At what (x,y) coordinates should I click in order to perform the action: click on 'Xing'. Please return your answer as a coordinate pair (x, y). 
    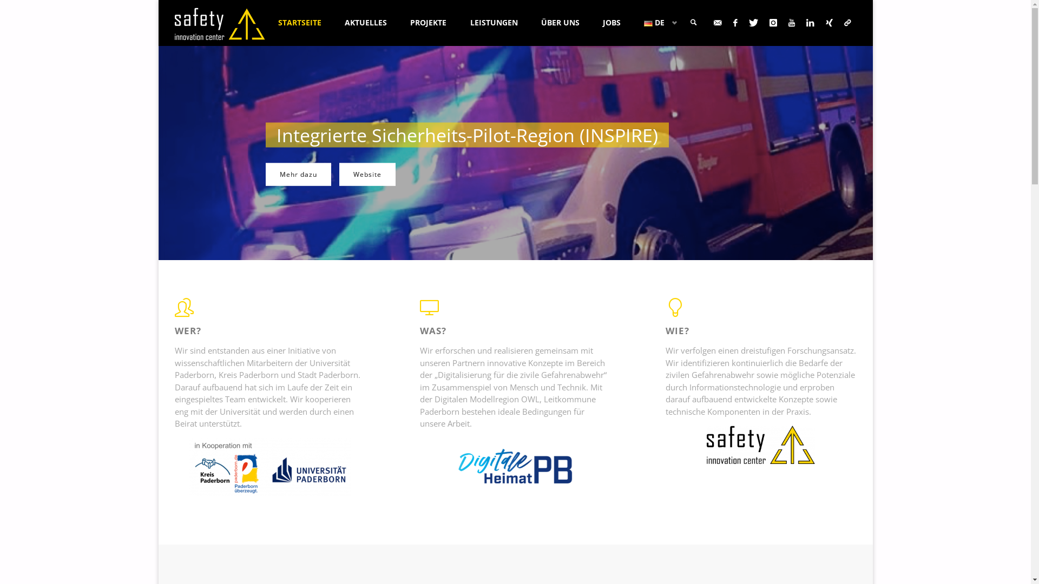
    Looking at the image, I should click on (828, 23).